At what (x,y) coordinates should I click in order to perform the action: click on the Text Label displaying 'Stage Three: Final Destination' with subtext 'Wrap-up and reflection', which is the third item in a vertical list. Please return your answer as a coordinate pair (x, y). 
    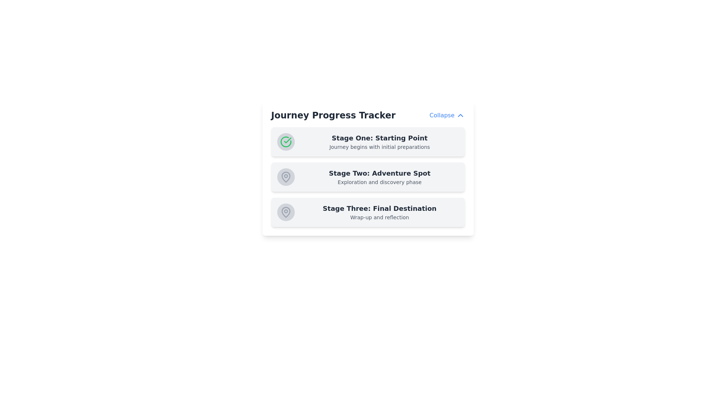
    Looking at the image, I should click on (379, 212).